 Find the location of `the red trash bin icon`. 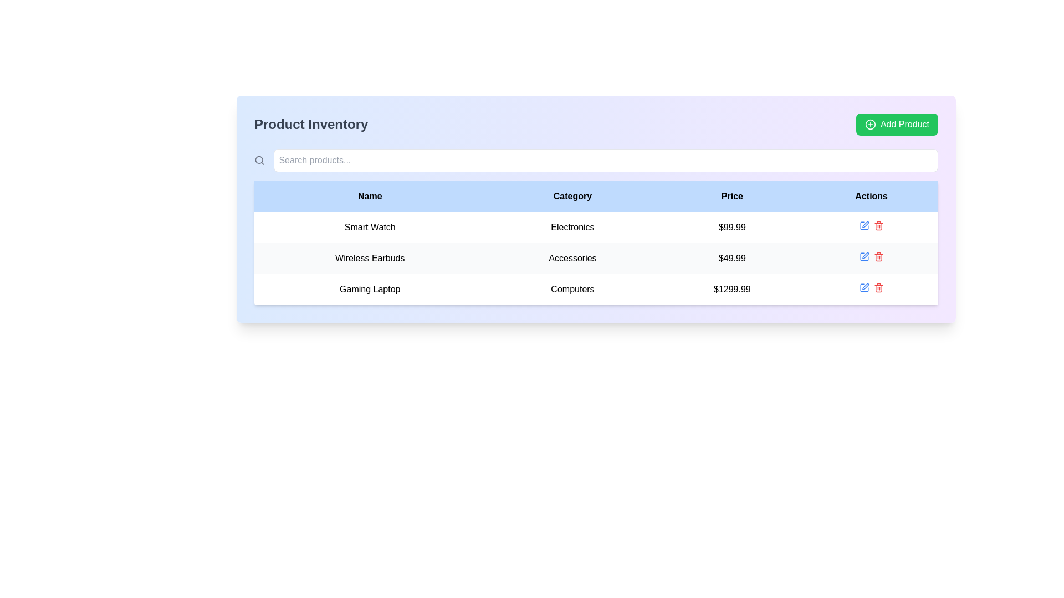

the red trash bin icon is located at coordinates (878, 256).